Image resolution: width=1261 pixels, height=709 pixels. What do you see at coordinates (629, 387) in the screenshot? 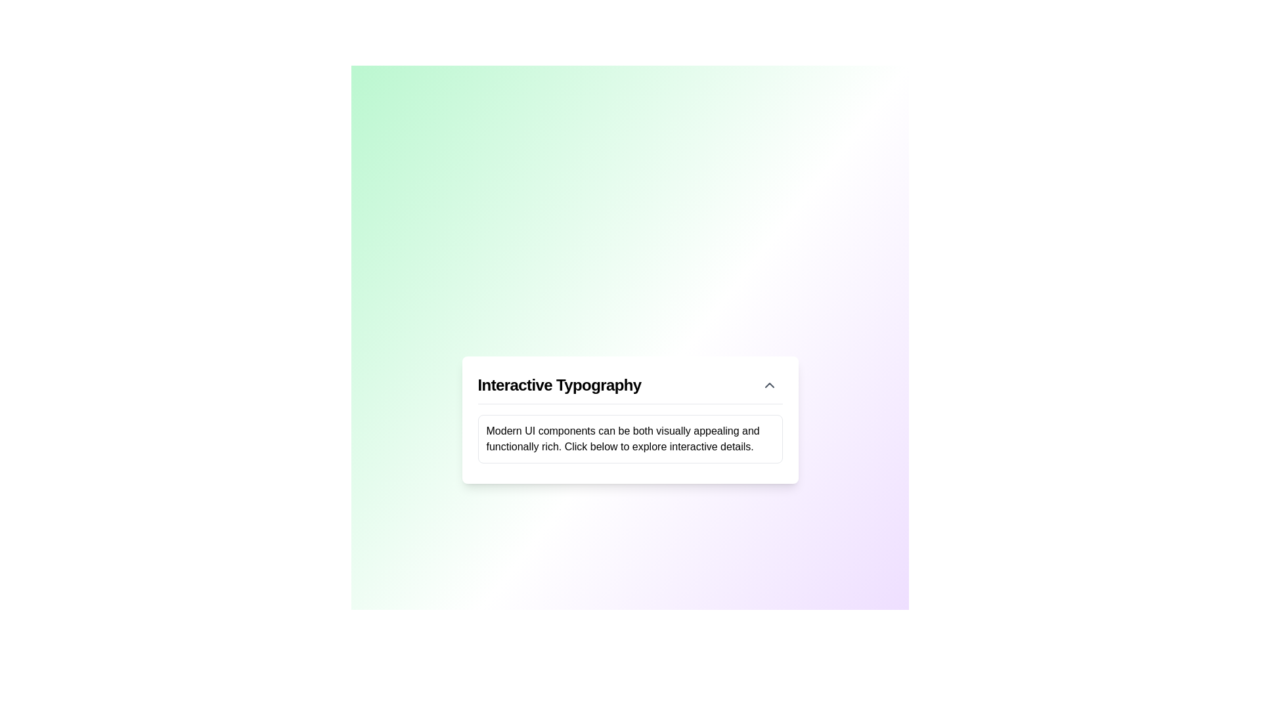
I see `the 'Interactive Typography' collapsible header or title bar with a toggle icon` at bounding box center [629, 387].